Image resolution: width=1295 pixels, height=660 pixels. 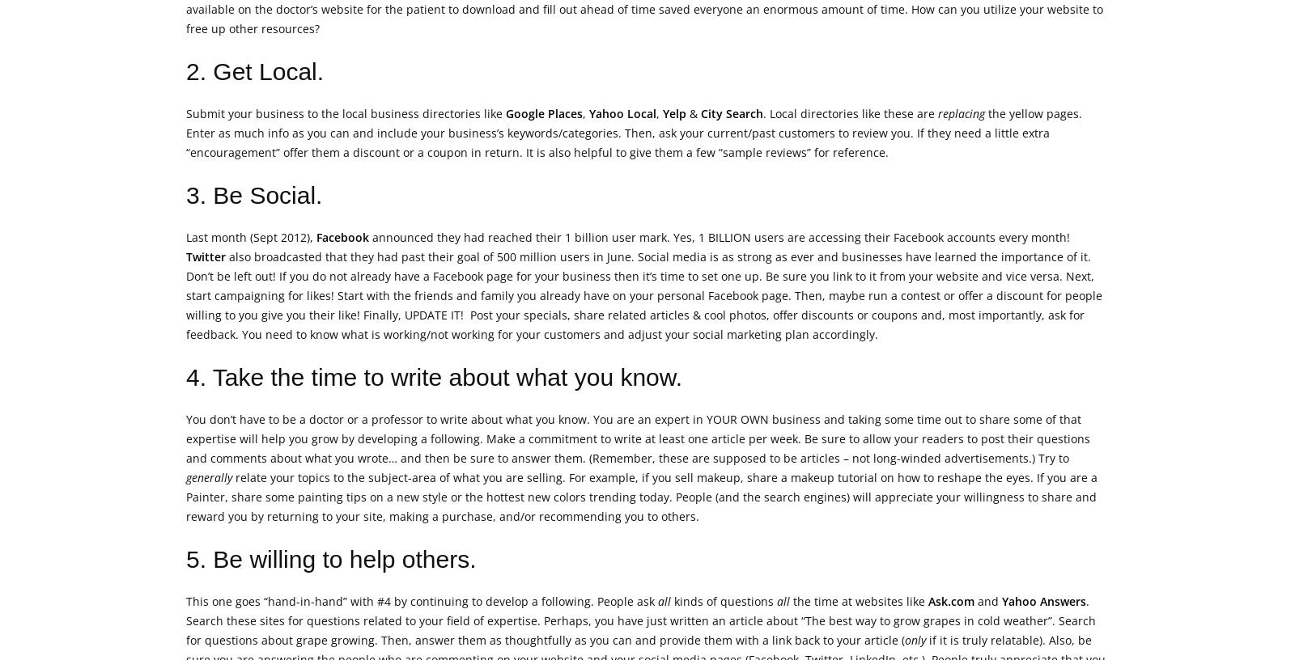 I want to click on '3. Be Social.', so click(x=253, y=194).